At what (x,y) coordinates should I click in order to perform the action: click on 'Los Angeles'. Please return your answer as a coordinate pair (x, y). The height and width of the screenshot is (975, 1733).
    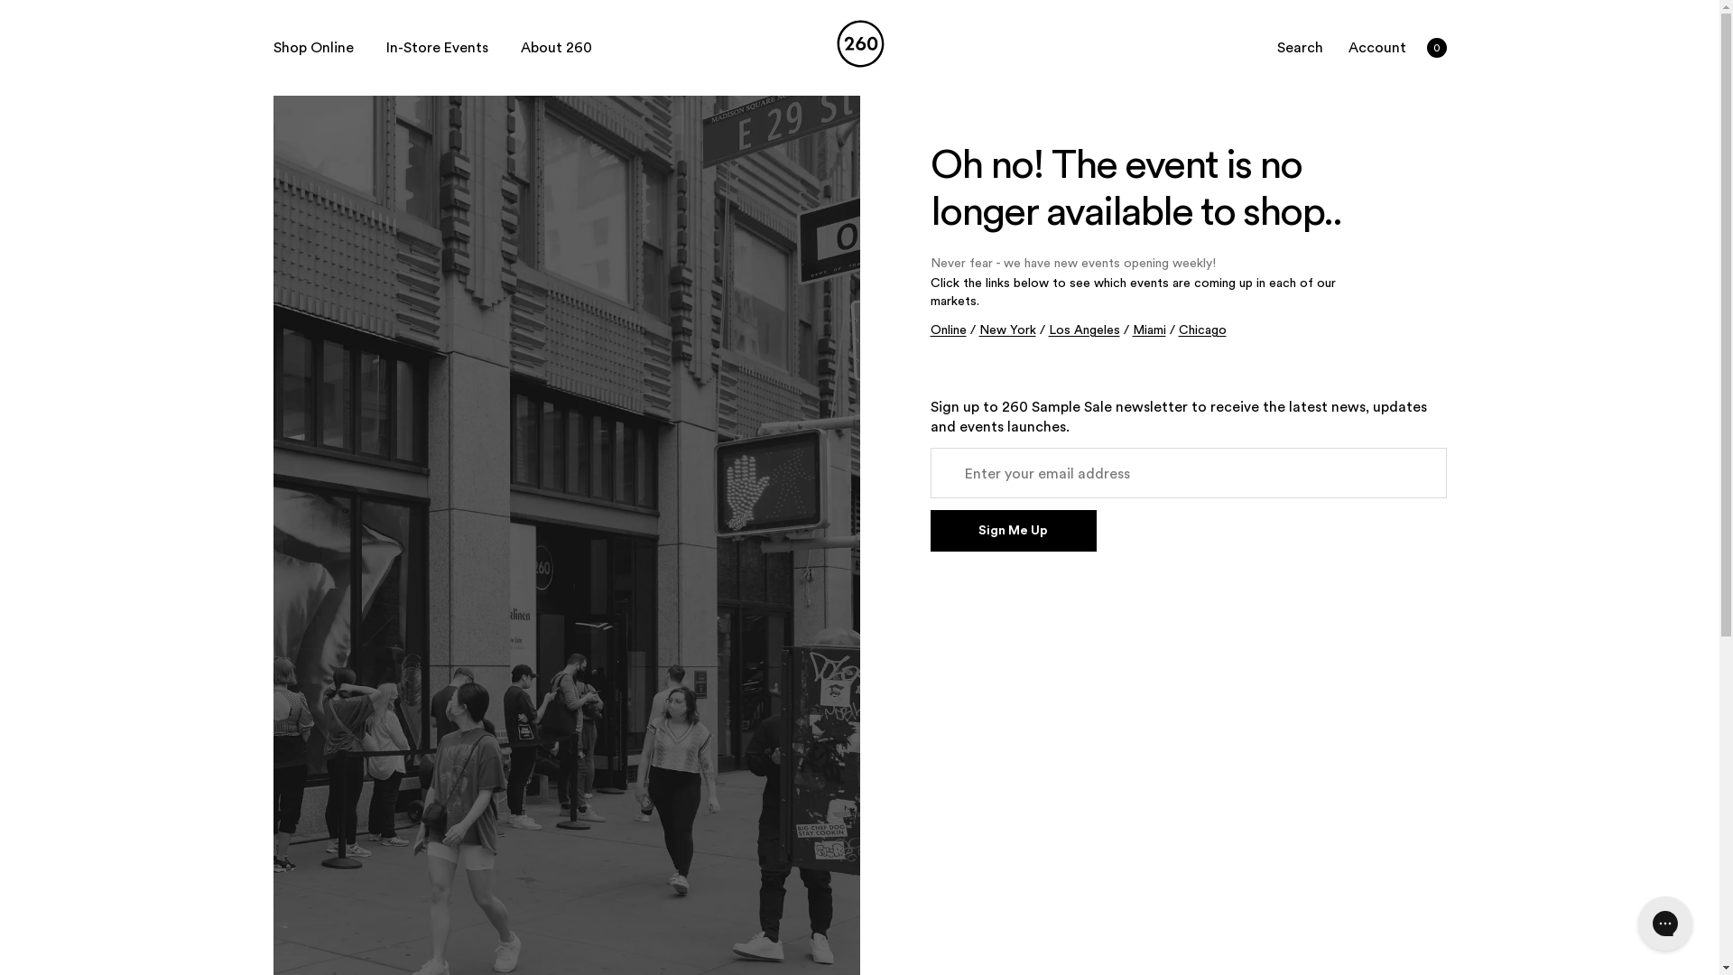
    Looking at the image, I should click on (1083, 330).